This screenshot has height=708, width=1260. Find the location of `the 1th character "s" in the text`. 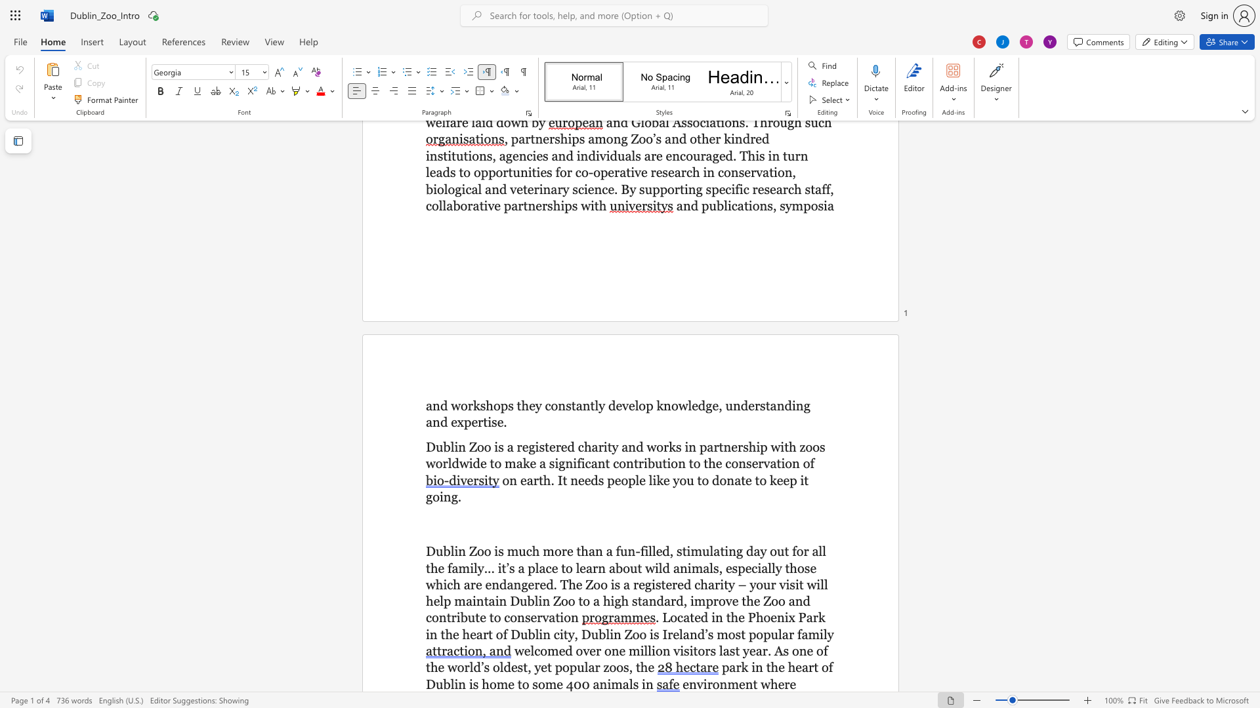

the 1th character "s" in the text is located at coordinates (763, 404).